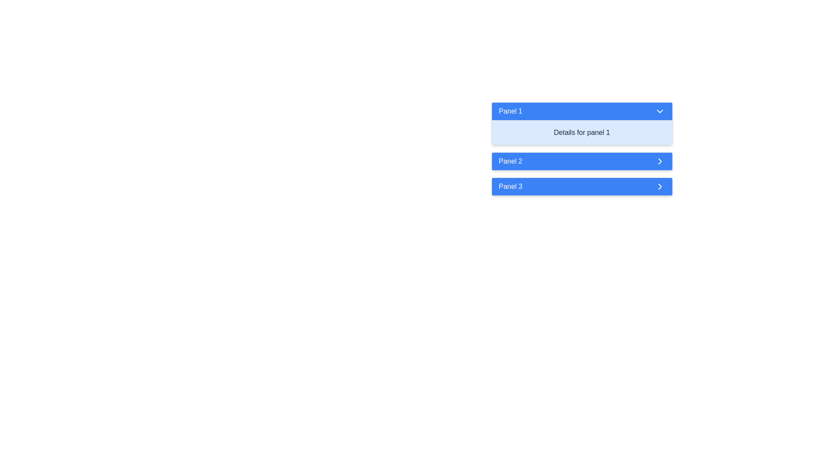 Image resolution: width=836 pixels, height=470 pixels. Describe the element at coordinates (582, 132) in the screenshot. I see `the static text block displaying 'Details for panel 1', which is prominently styled with a light blue background and dark gray font, located below the 'Panel 1' heading` at that location.